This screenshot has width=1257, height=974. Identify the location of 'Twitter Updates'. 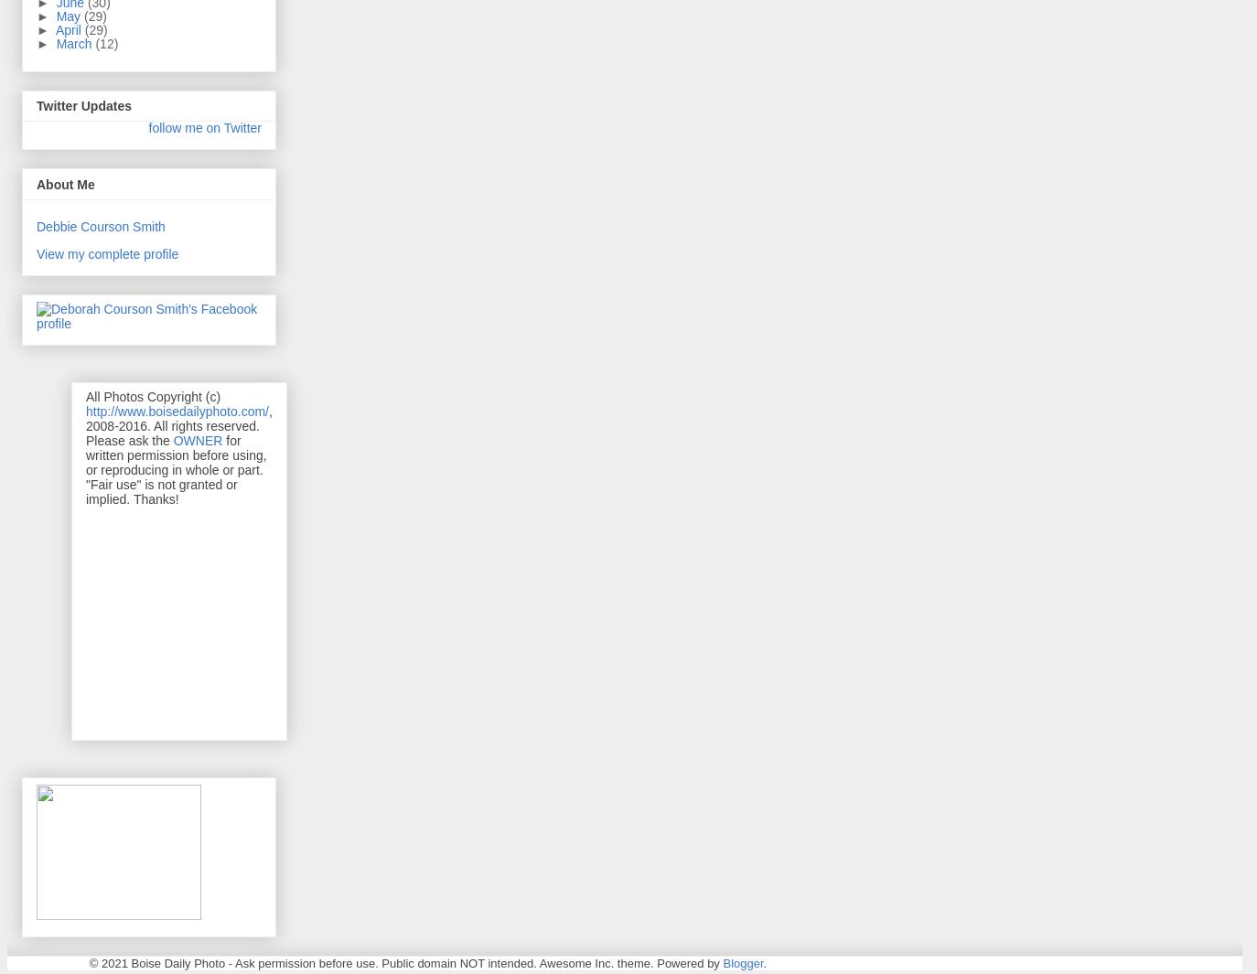
(35, 104).